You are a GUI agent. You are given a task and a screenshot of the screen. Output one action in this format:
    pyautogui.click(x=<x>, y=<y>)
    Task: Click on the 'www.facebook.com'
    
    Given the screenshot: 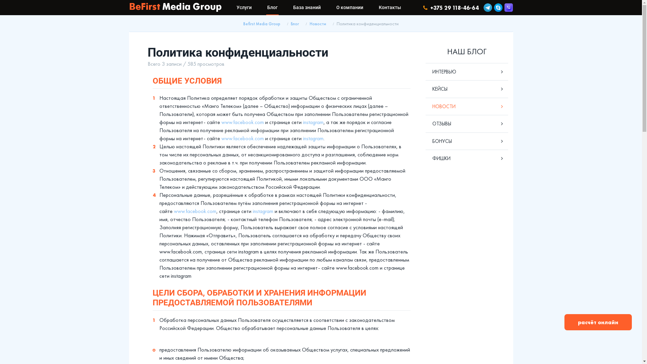 What is the action you would take?
    pyautogui.click(x=195, y=211)
    